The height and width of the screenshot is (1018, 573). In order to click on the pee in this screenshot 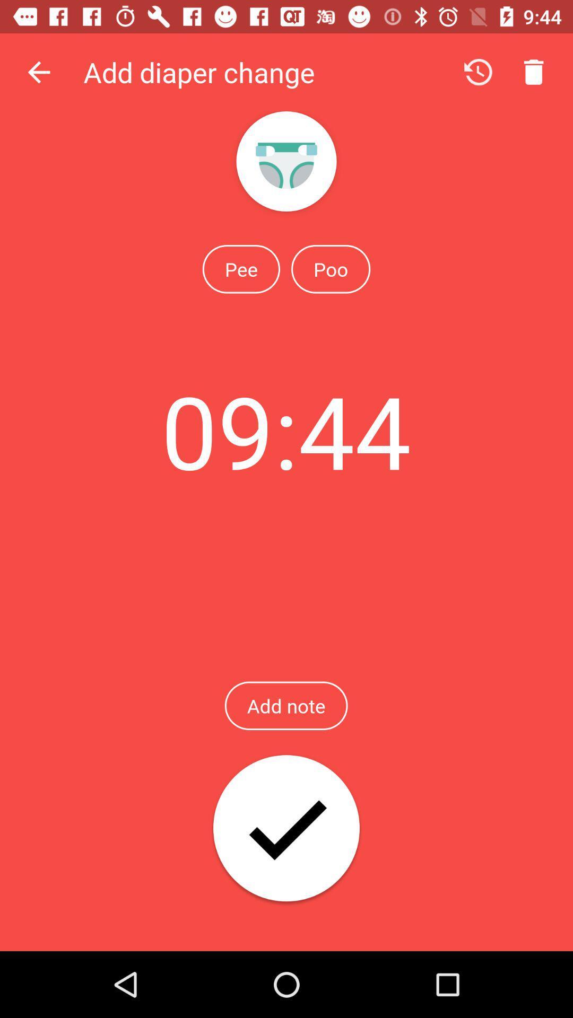, I will do `click(241, 269)`.